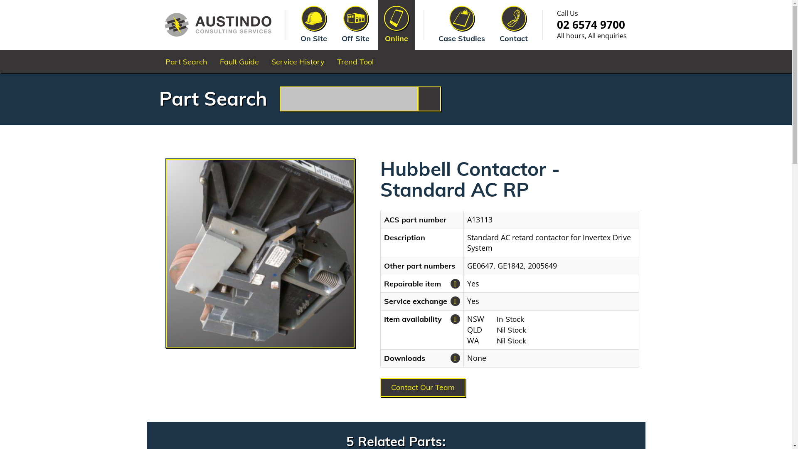 The image size is (798, 449). Describe the element at coordinates (461, 25) in the screenshot. I see `'Case Studies'` at that location.